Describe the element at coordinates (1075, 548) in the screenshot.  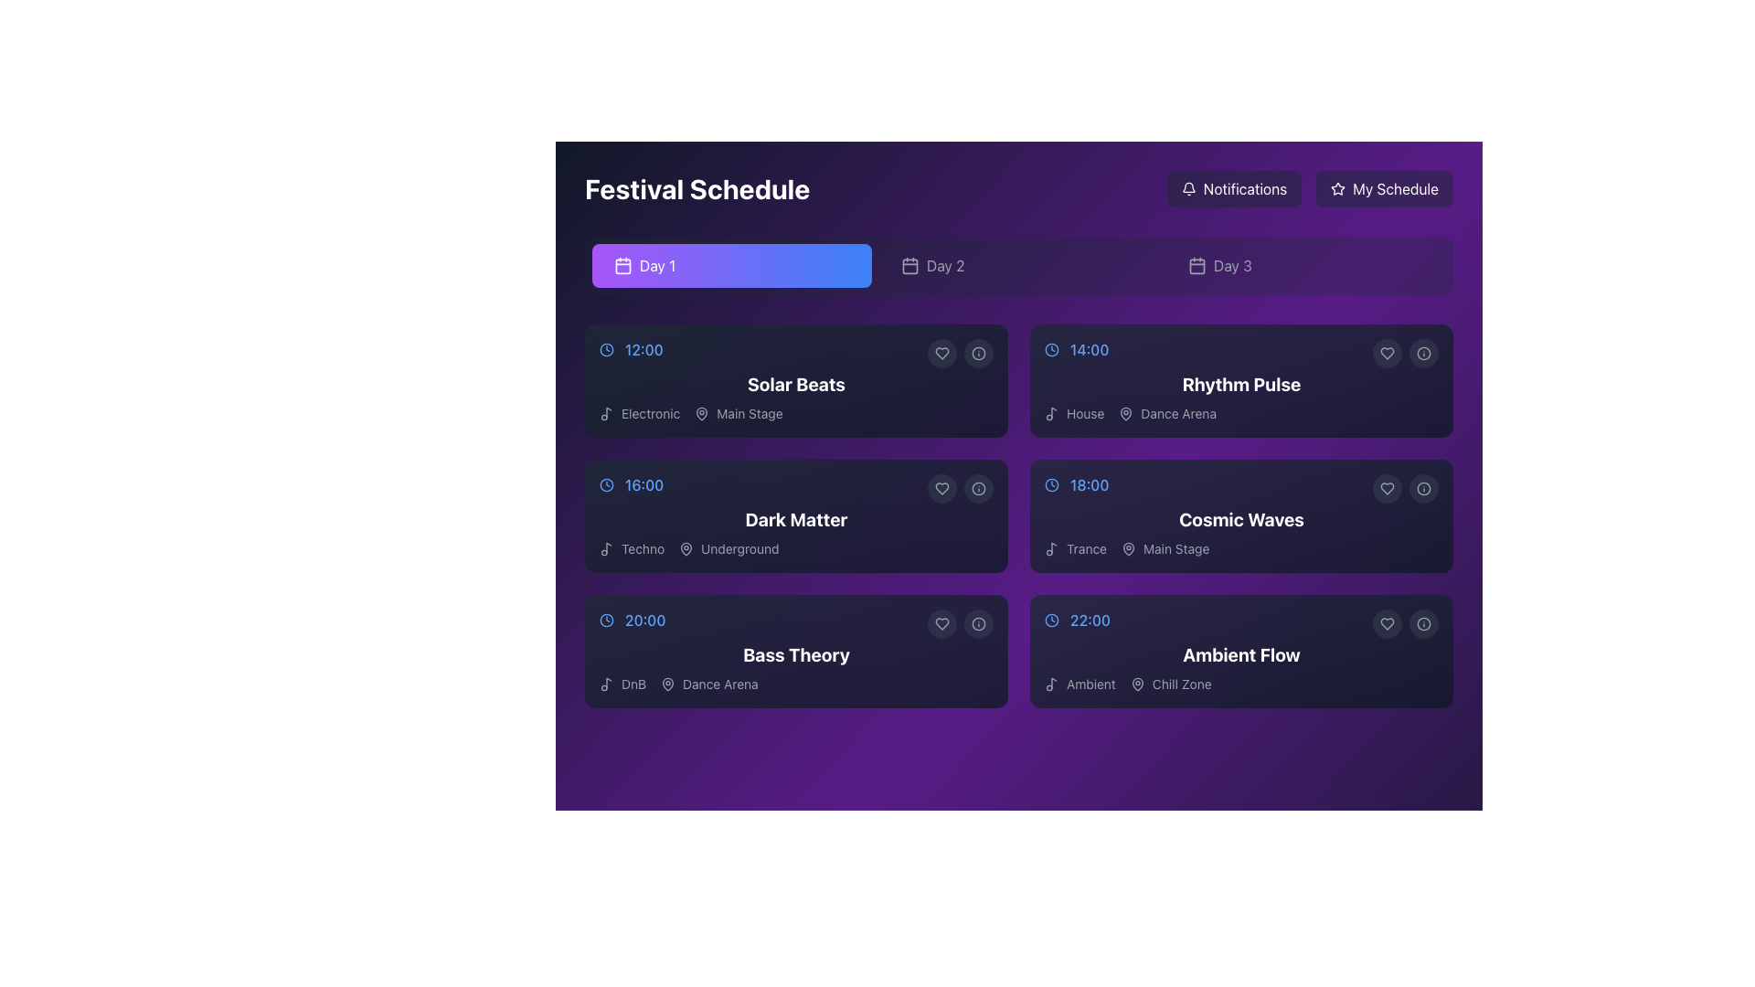
I see `the non-interactive label with an icon indicating the music genre for the 'Cosmic Waves' event at 18:00, positioned in the schedule card` at that location.